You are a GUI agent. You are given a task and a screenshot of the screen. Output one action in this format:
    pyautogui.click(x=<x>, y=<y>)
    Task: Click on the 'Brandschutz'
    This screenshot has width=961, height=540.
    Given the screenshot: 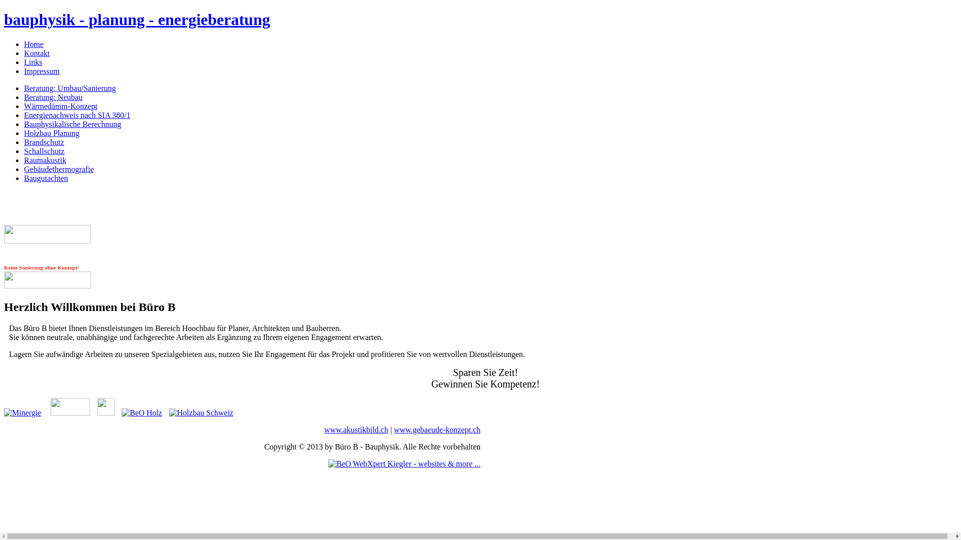 What is the action you would take?
    pyautogui.click(x=43, y=142)
    